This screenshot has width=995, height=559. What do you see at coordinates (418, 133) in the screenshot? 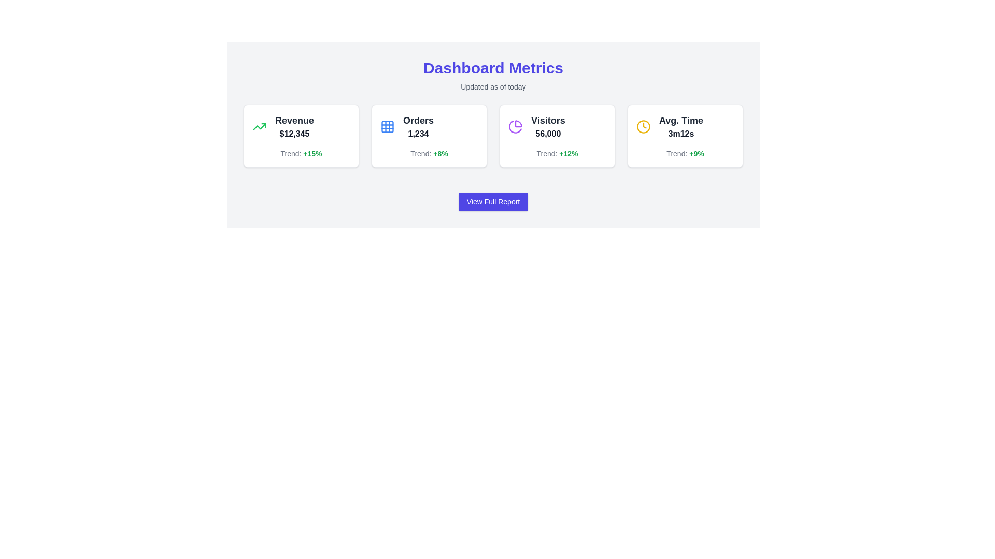
I see `the numeric text label displaying '1,234', which is located directly beneath the 'Orders' text in the middle card layout` at bounding box center [418, 133].